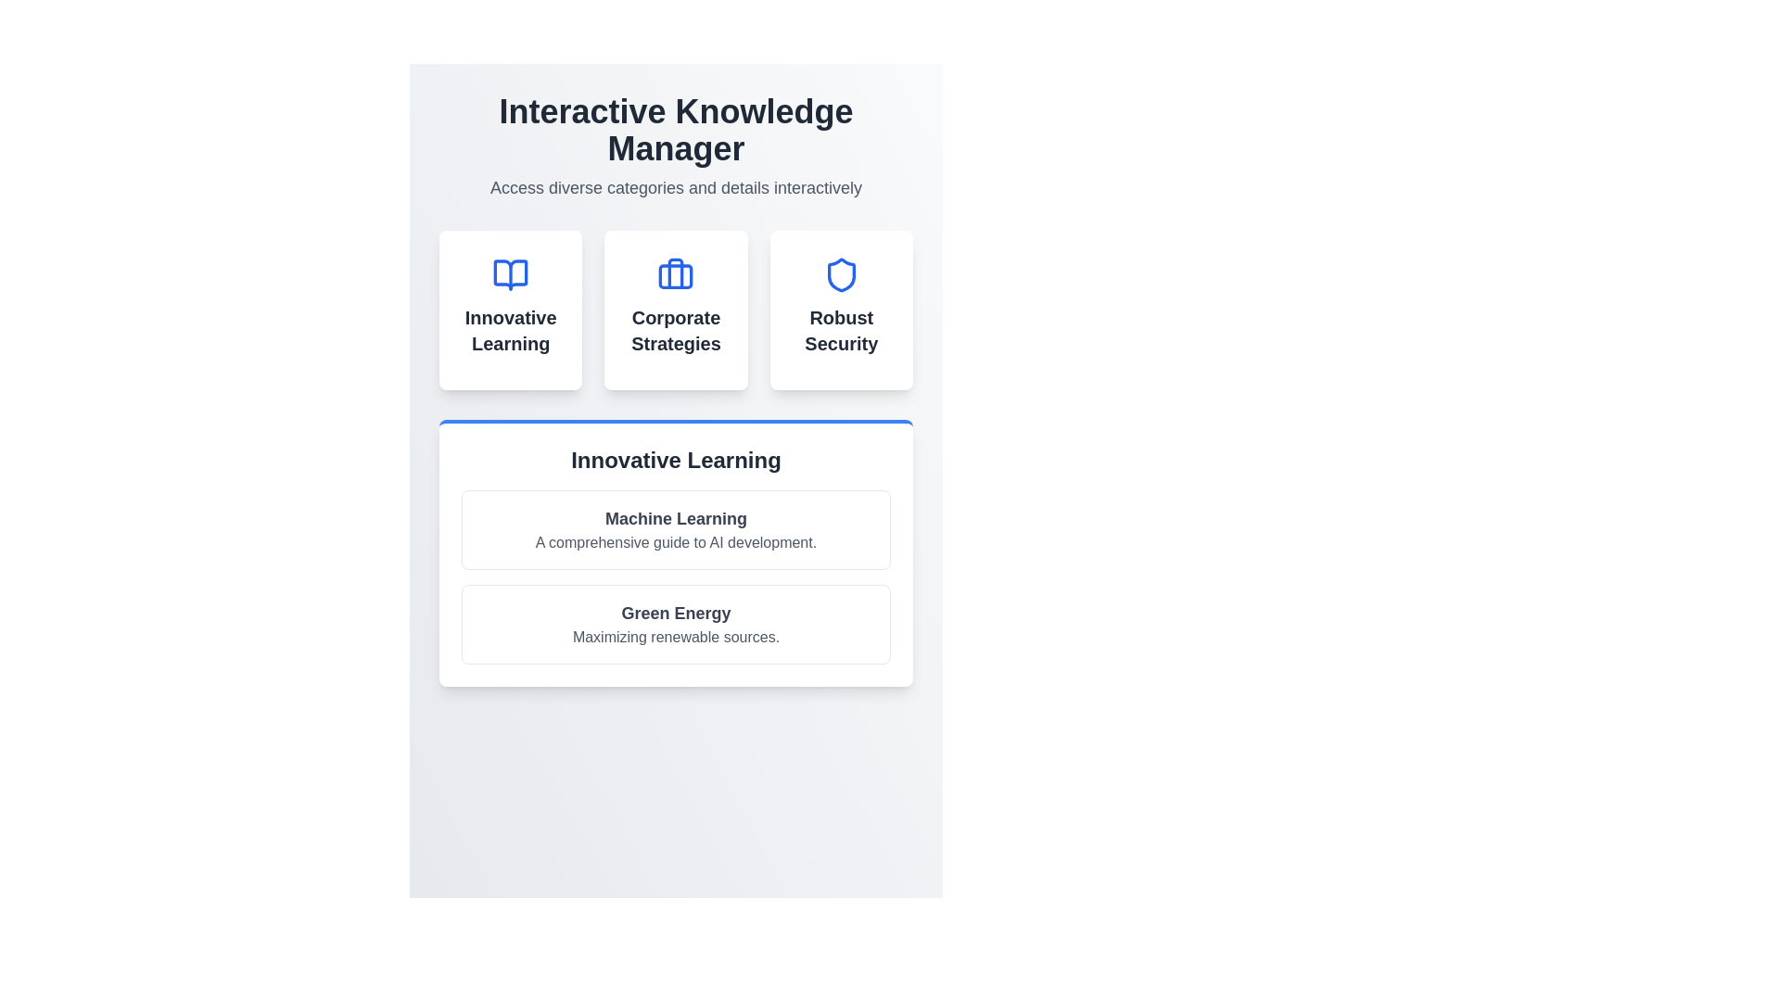 The height and width of the screenshot is (1001, 1780). What do you see at coordinates (511, 330) in the screenshot?
I see `the header text element displaying 'Innovative Learning' which is styled prominently in dark gray and is center-aligned within a card in the first column of a three-element grid layout` at bounding box center [511, 330].